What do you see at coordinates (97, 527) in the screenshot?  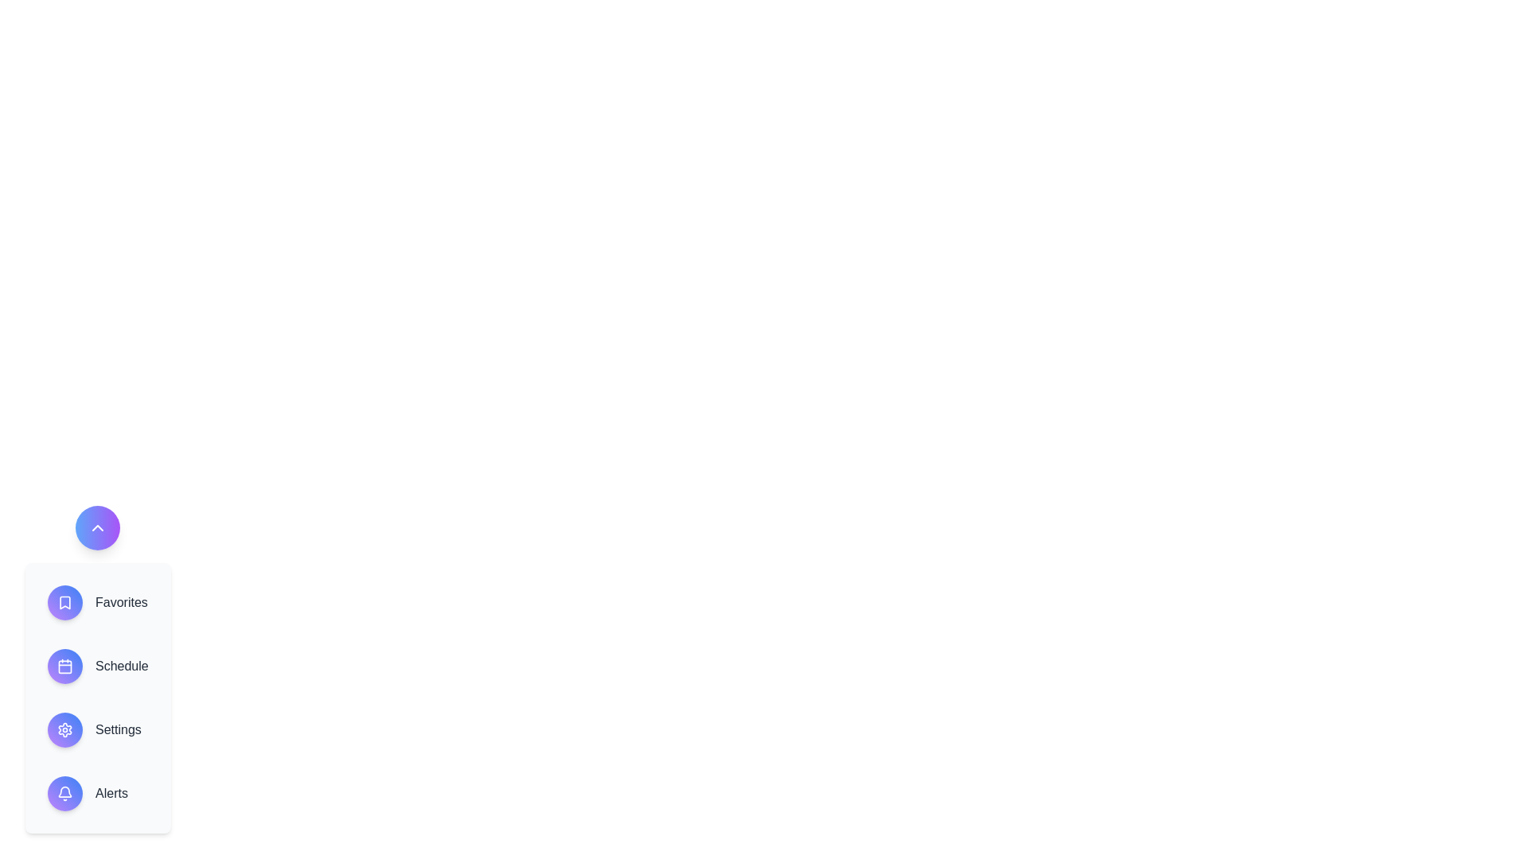 I see `toggle button to expand or collapse the menu` at bounding box center [97, 527].